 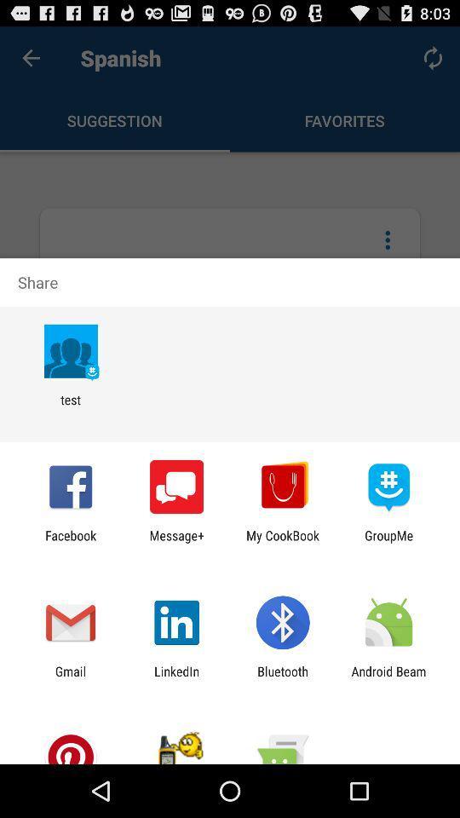 I want to click on app next to bluetooth app, so click(x=175, y=678).